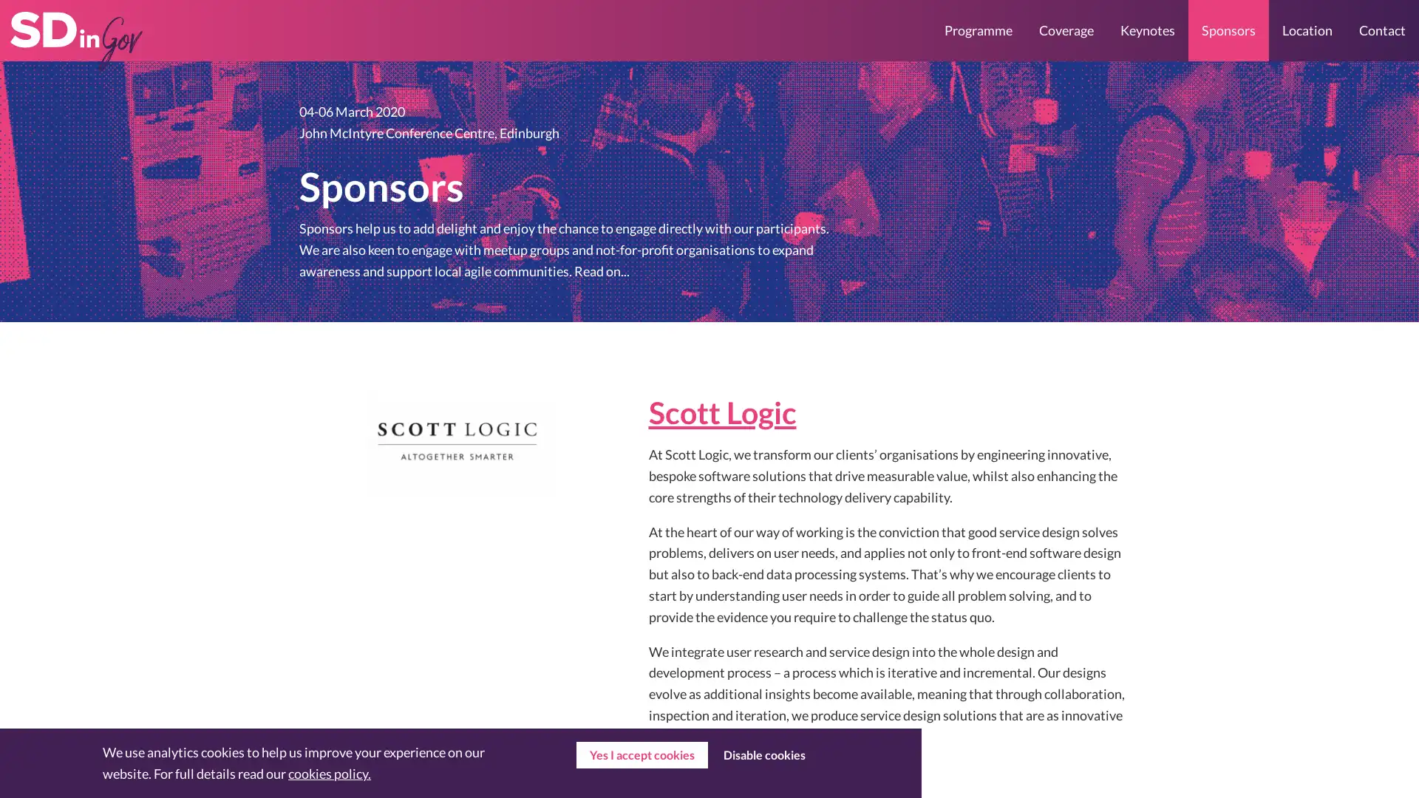 This screenshot has height=798, width=1419. I want to click on Yes I accept cookies, so click(642, 755).